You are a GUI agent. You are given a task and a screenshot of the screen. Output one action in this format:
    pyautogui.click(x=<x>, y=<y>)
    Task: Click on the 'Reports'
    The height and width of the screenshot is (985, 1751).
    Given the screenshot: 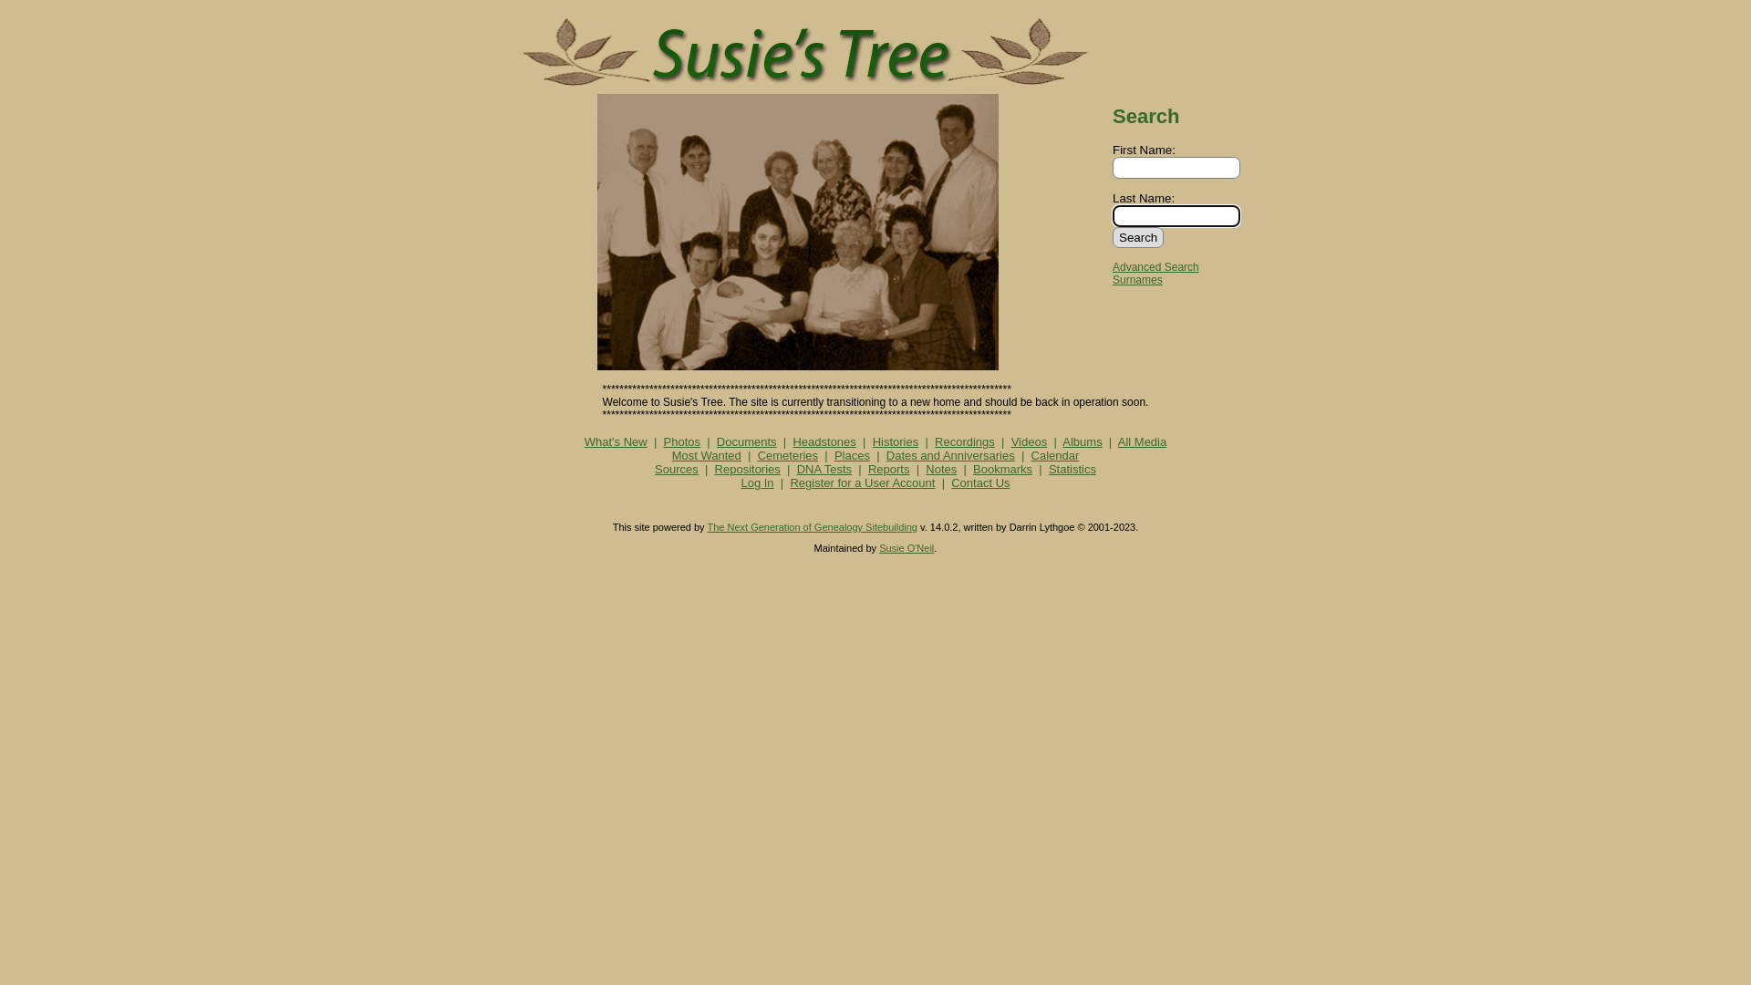 What is the action you would take?
    pyautogui.click(x=866, y=468)
    